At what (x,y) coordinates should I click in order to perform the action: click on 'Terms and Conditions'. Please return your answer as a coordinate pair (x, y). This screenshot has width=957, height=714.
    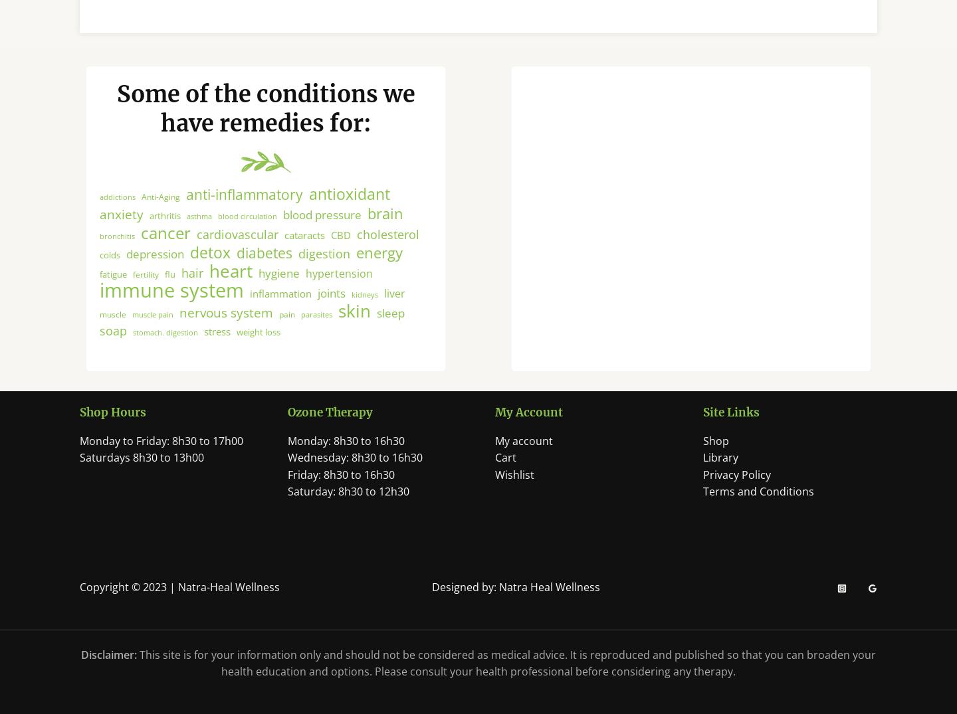
    Looking at the image, I should click on (757, 509).